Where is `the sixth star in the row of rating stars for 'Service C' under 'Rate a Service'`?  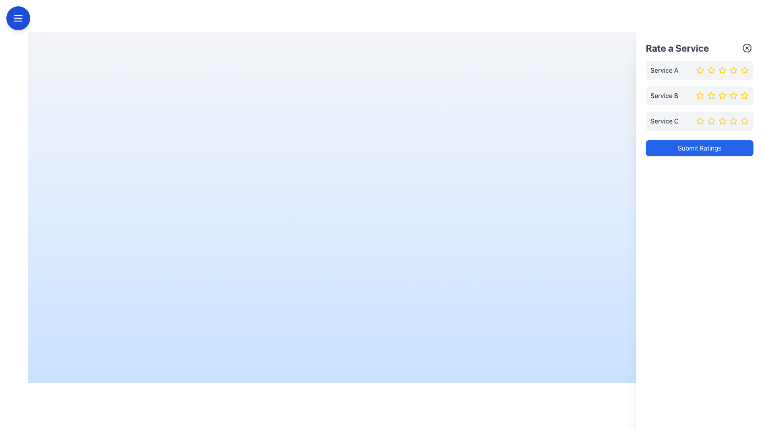
the sixth star in the row of rating stars for 'Service C' under 'Rate a Service' is located at coordinates (733, 121).